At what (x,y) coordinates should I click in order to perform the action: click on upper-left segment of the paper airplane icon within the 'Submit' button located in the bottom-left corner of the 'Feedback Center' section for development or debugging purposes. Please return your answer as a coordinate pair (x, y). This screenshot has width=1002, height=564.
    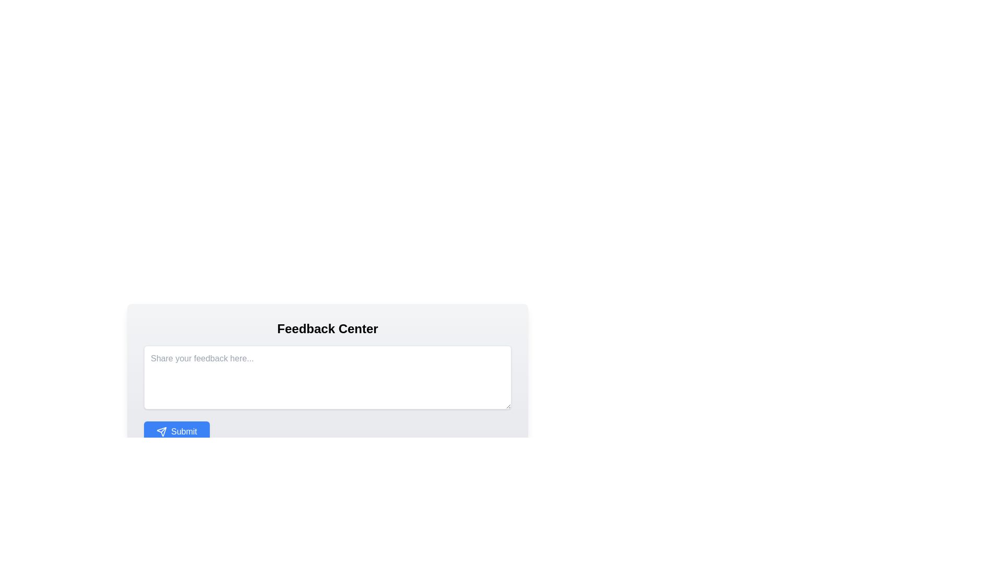
    Looking at the image, I should click on (161, 431).